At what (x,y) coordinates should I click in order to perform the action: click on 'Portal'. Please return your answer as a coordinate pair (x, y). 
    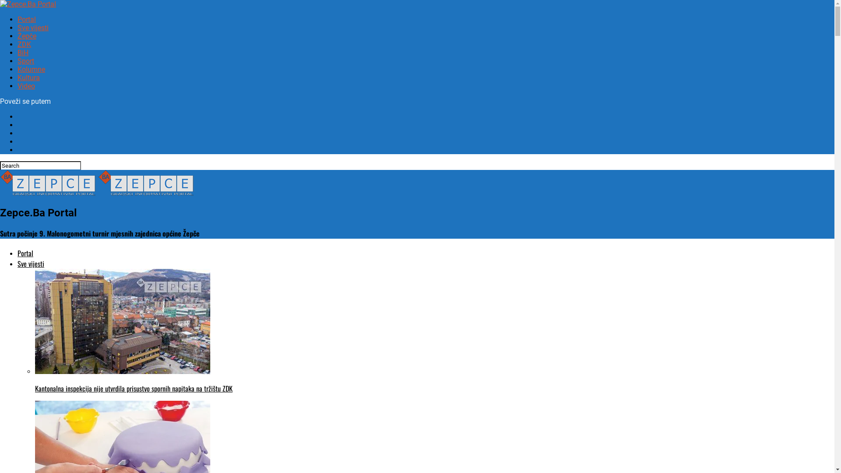
    Looking at the image, I should click on (27, 19).